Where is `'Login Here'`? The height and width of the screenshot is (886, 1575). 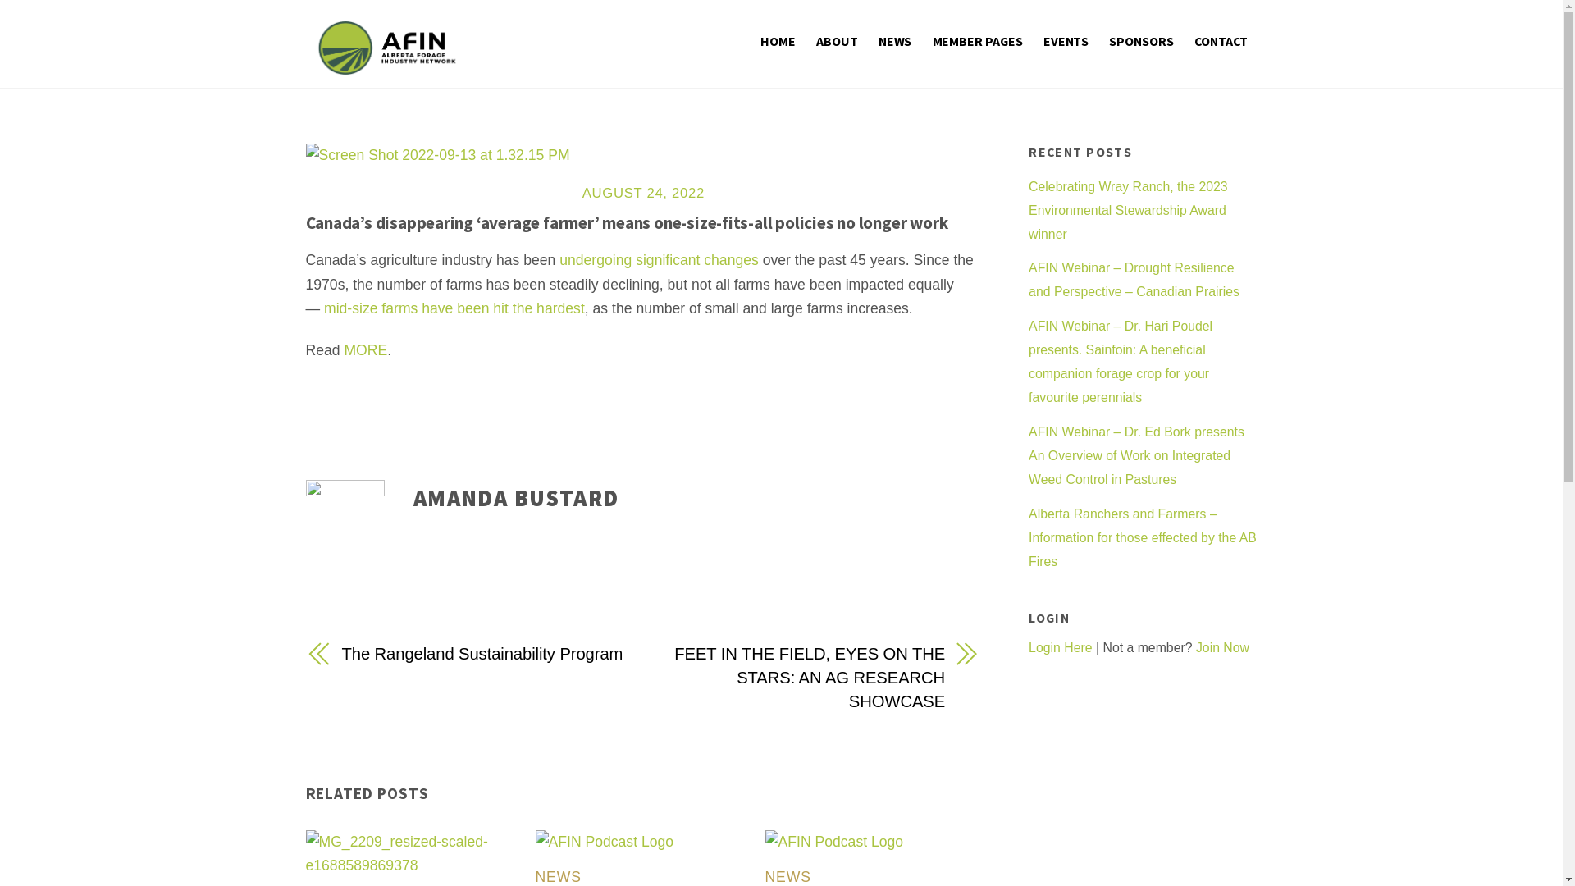
'Login Here' is located at coordinates (1060, 646).